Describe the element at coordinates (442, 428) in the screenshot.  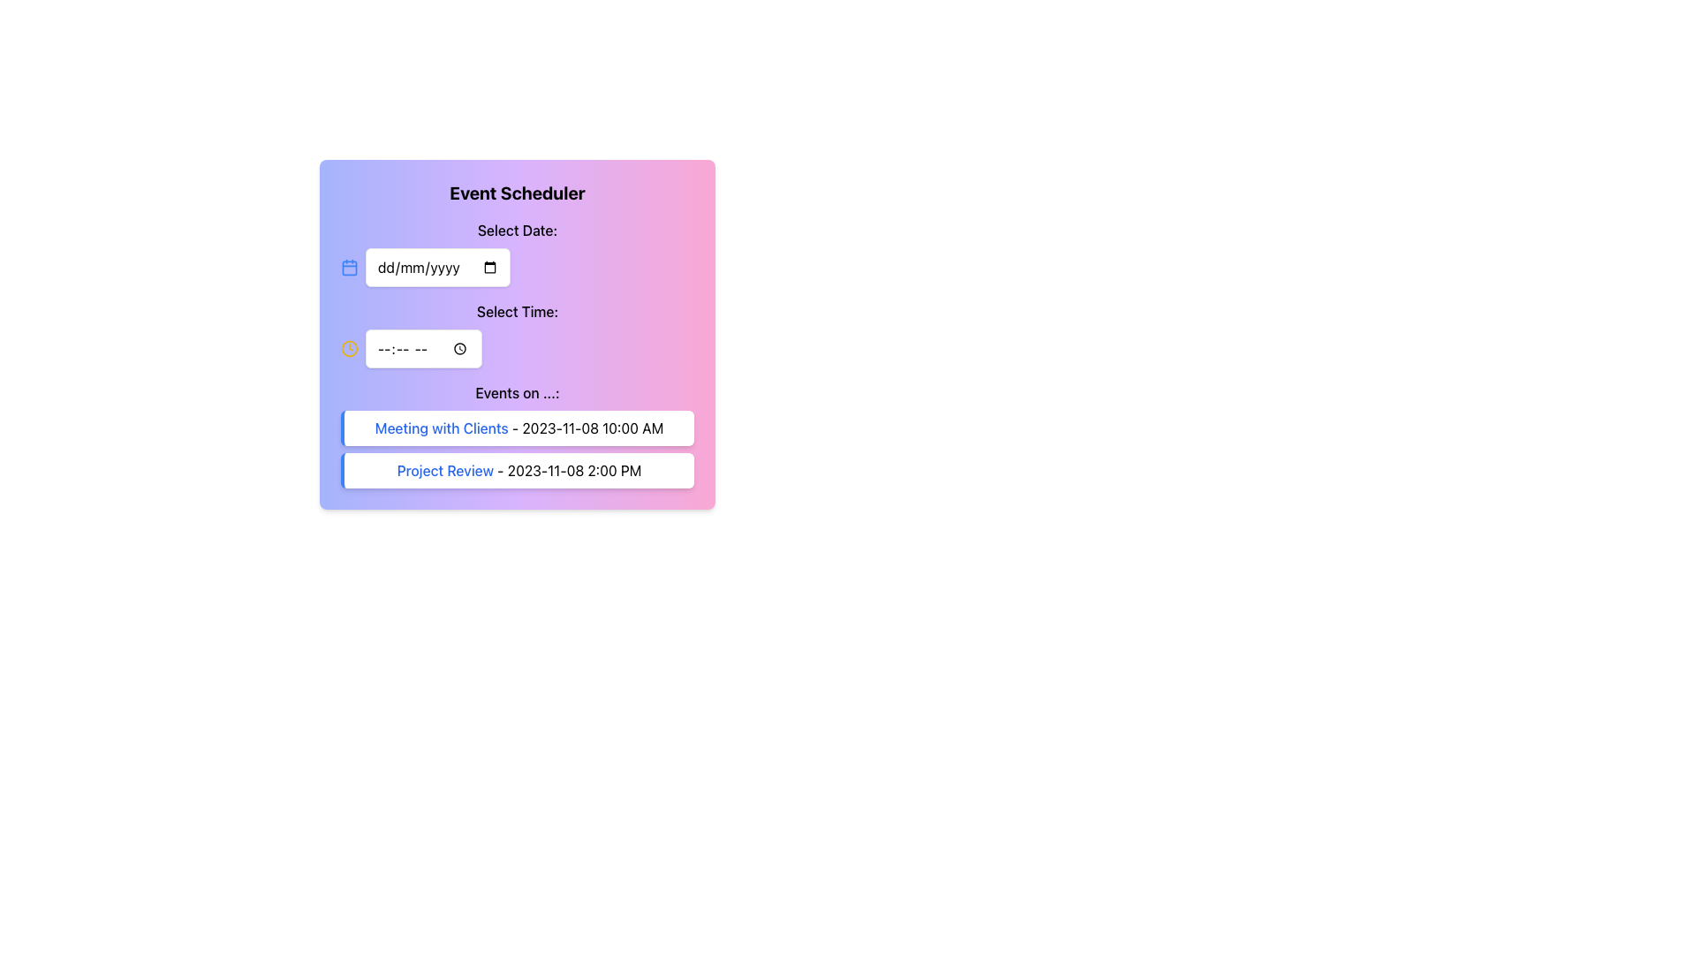
I see `the blue text label 'Meeting with Clients' for navigation, which is styled with medium font weight and contained within a white rounded box, positioned above the timestamp` at that location.